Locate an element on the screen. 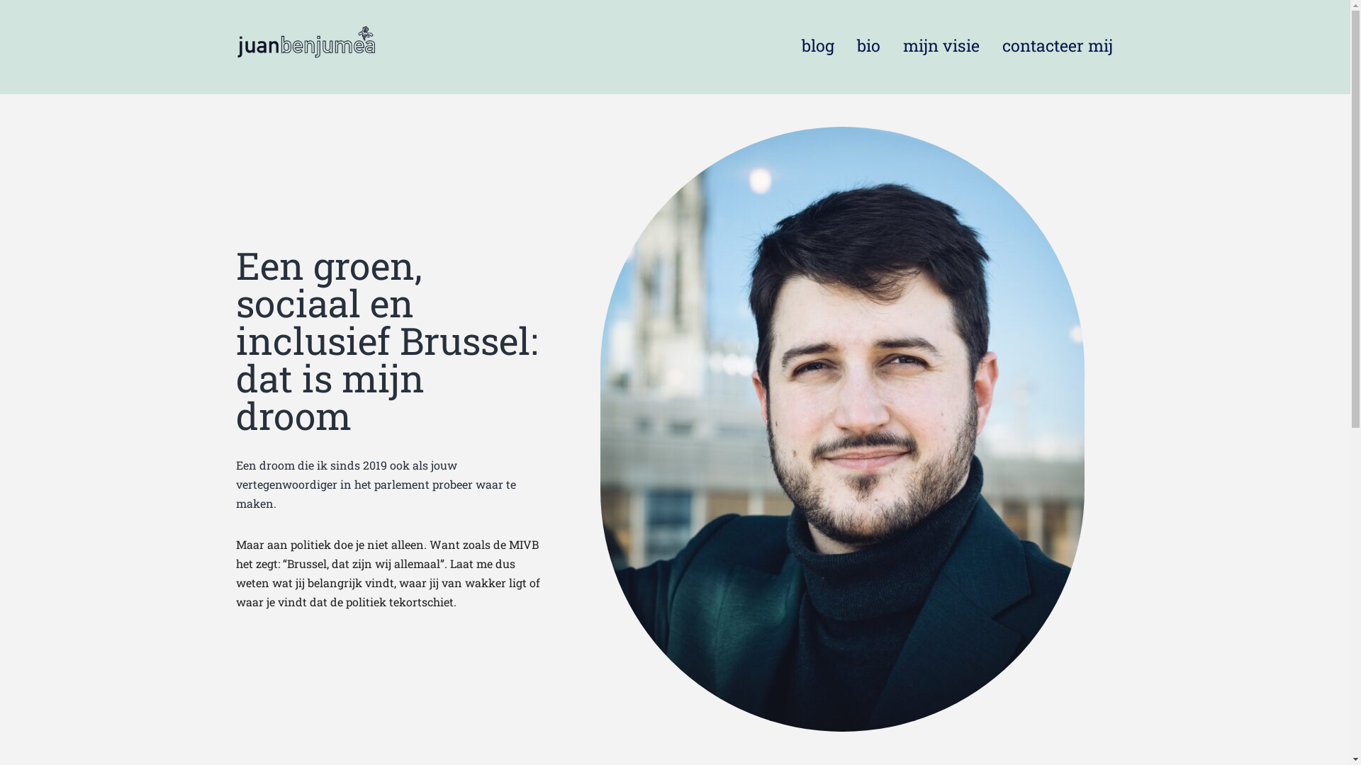  'contacteer mij' is located at coordinates (990, 45).